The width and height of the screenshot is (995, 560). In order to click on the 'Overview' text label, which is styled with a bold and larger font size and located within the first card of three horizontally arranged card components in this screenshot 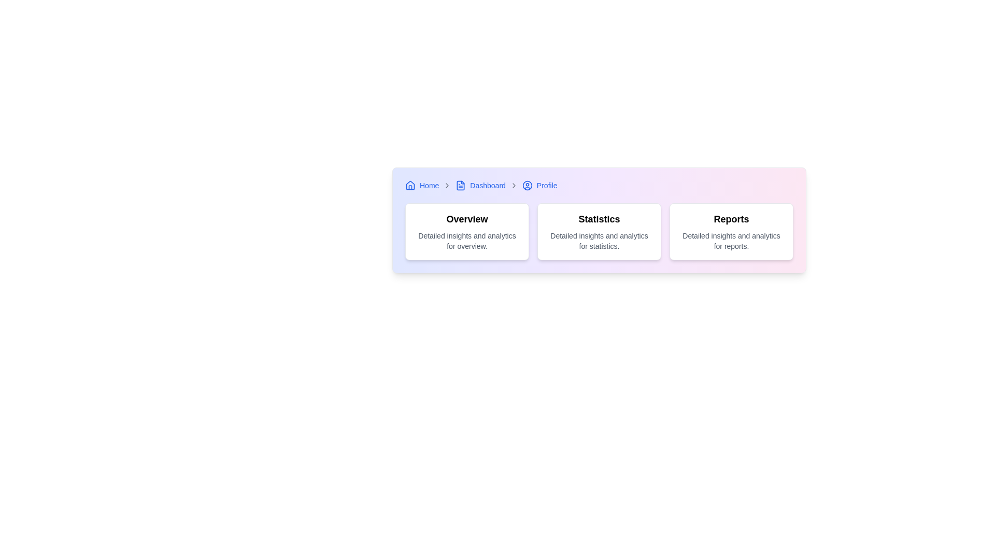, I will do `click(466, 219)`.